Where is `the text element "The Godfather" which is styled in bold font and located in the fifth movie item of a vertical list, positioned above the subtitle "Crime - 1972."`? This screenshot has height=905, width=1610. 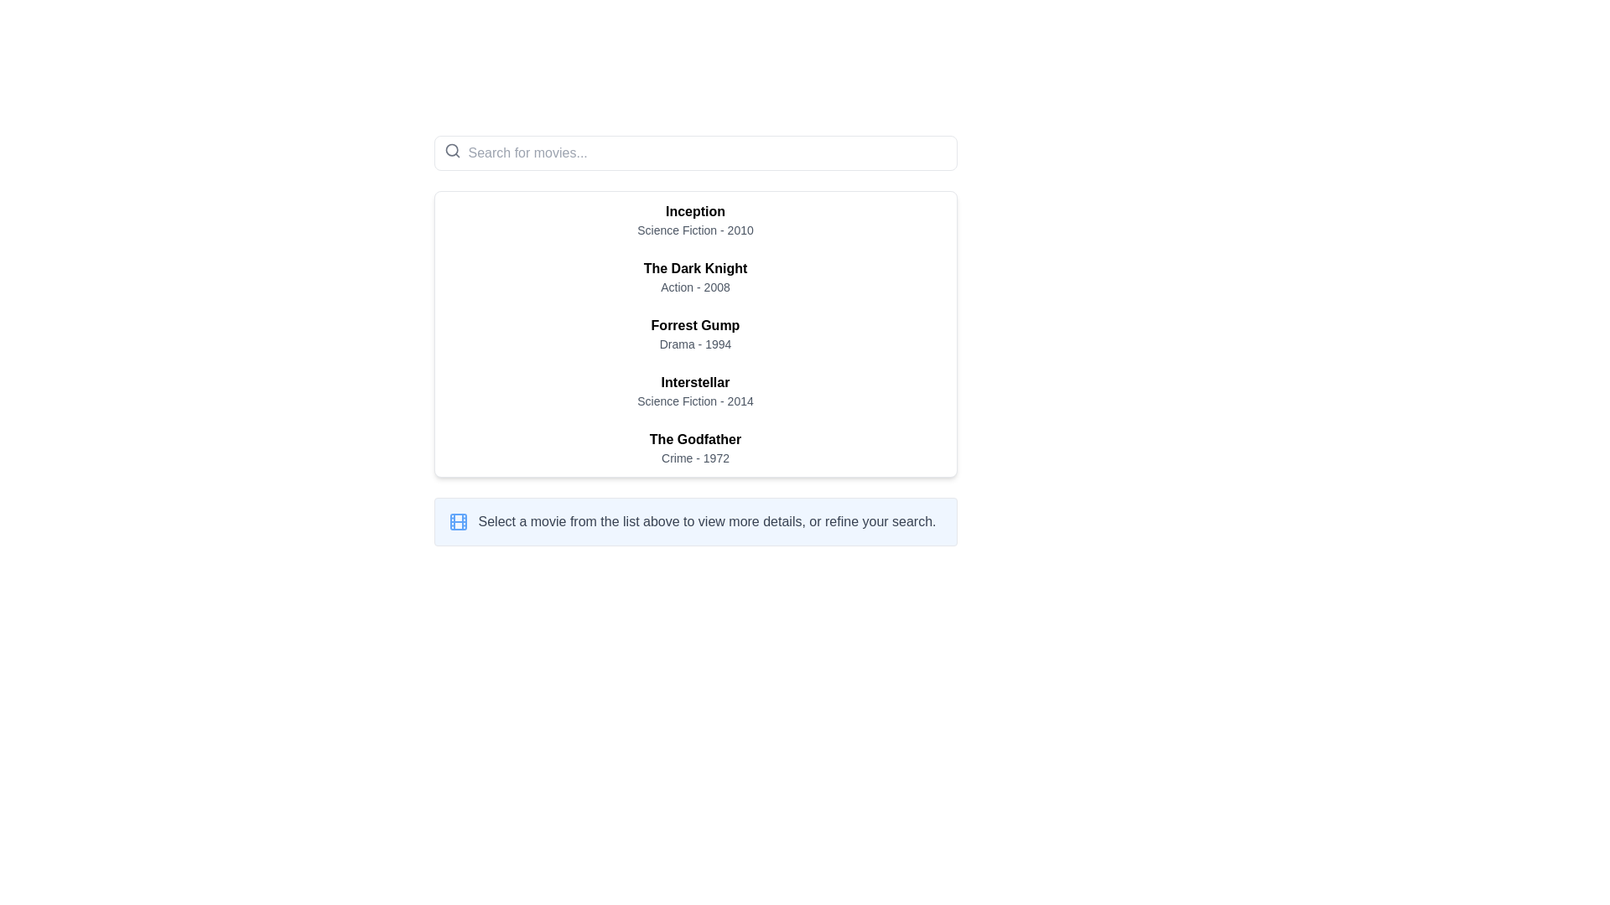 the text element "The Godfather" which is styled in bold font and located in the fifth movie item of a vertical list, positioned above the subtitle "Crime - 1972." is located at coordinates (695, 438).